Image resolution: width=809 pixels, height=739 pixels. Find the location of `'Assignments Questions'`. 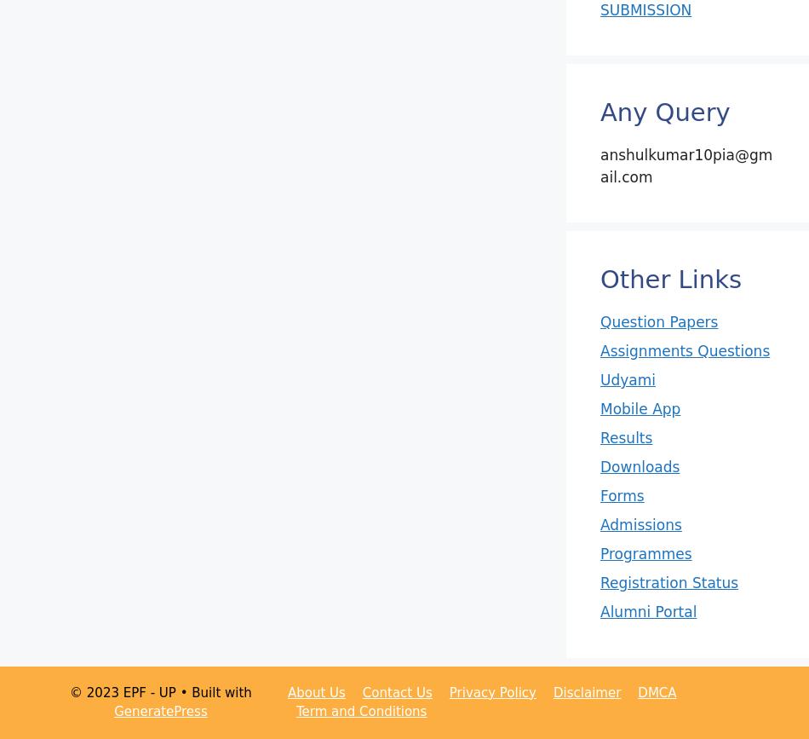

'Assignments Questions' is located at coordinates (684, 350).